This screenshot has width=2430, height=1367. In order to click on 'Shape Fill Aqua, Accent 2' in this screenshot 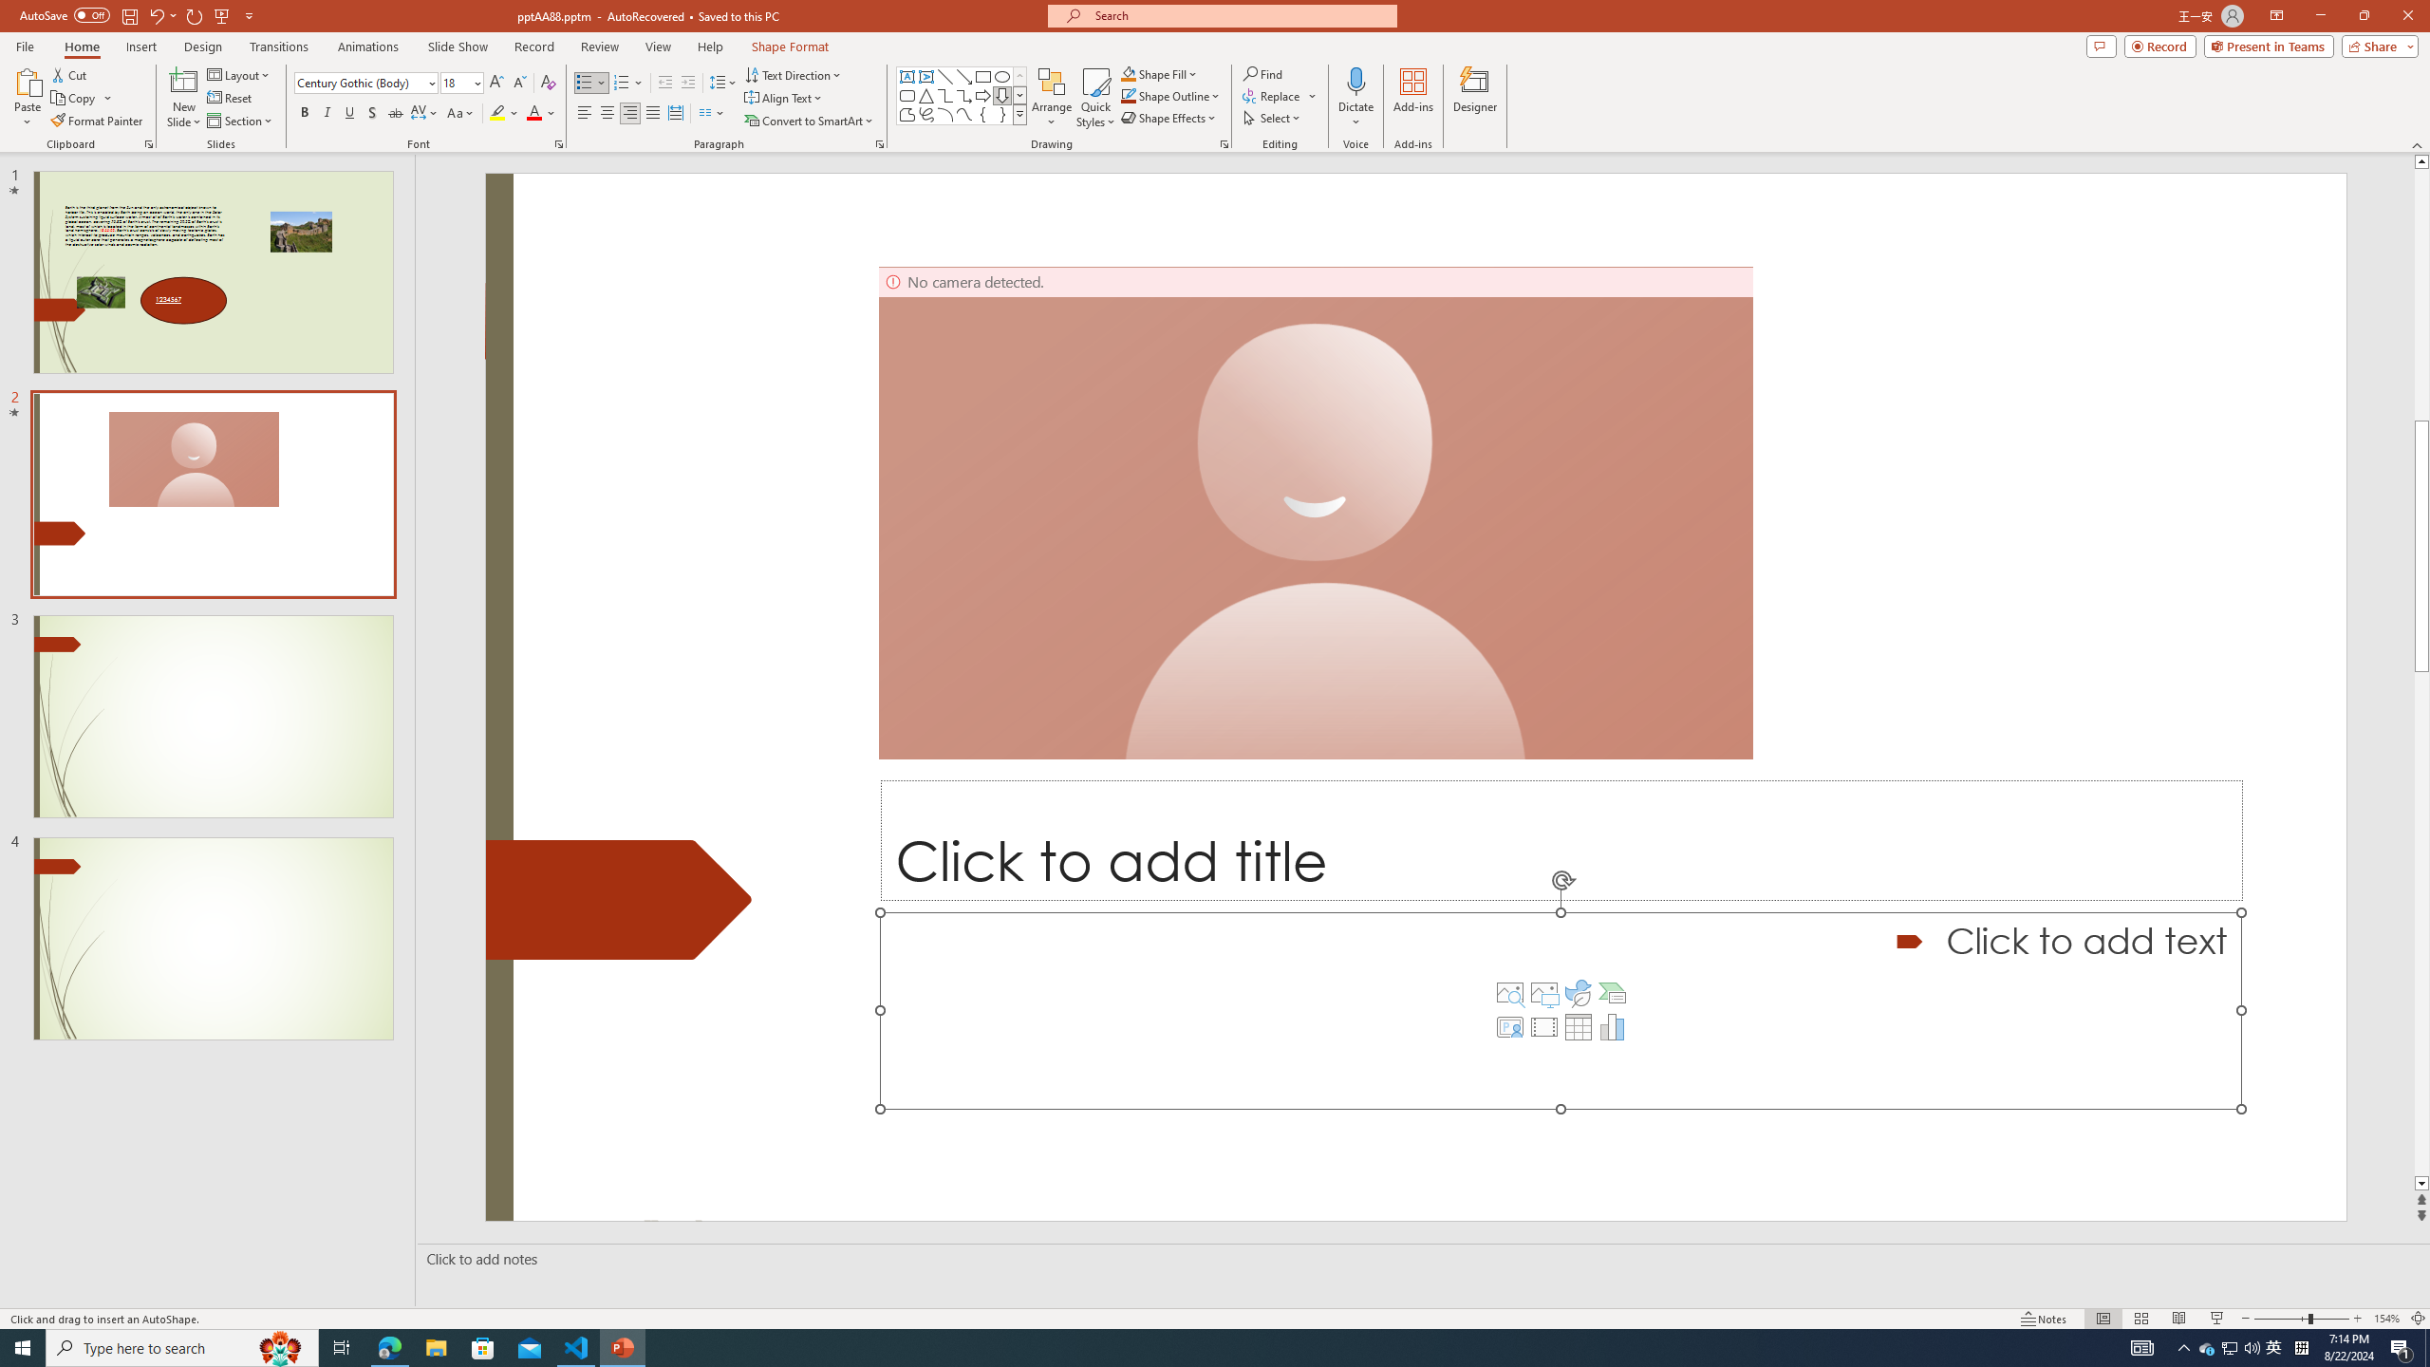, I will do `click(1129, 73)`.